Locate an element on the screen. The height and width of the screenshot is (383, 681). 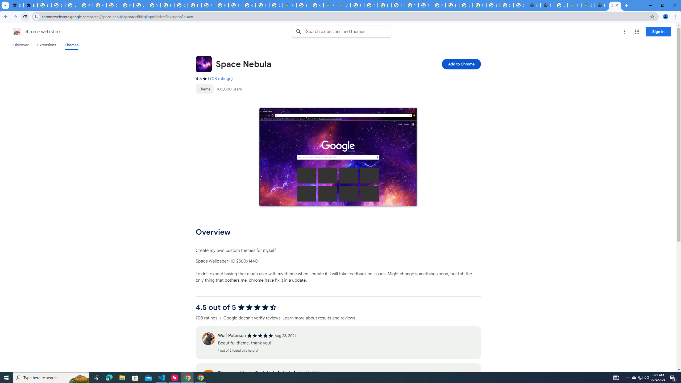
'Extensions' is located at coordinates (47, 45).